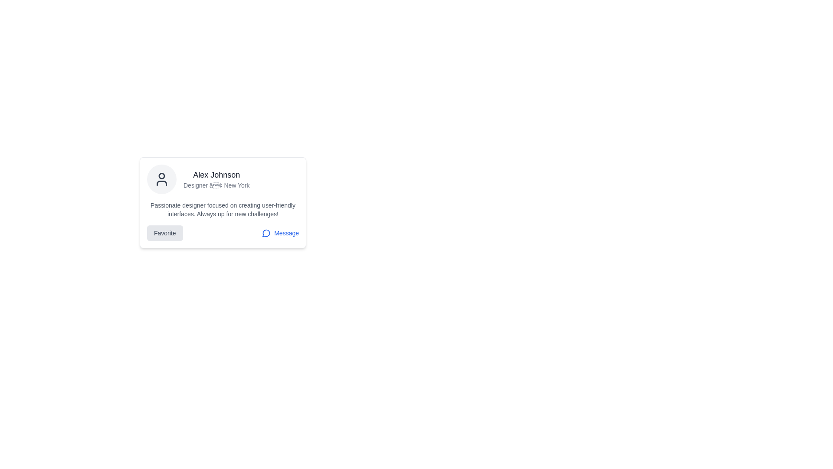  What do you see at coordinates (216, 175) in the screenshot?
I see `the user name text label that serves as the title of the profile information in the card, positioned above the line 'Designer • New York' and to the right of a circular user icon` at bounding box center [216, 175].